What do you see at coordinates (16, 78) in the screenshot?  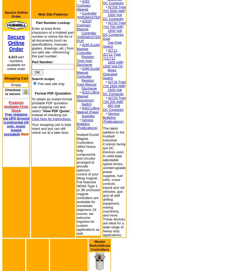 I see `'Shopping Cart'` at bounding box center [16, 78].